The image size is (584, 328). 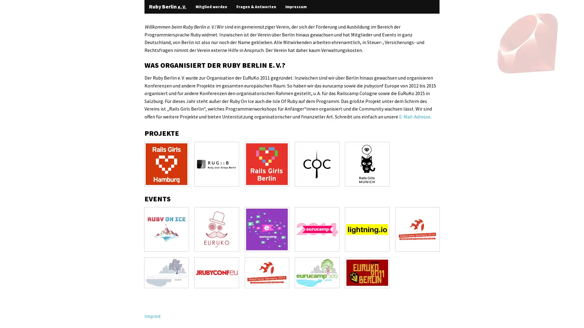 What do you see at coordinates (217, 229) in the screenshot?
I see `Euruko 2015` at bounding box center [217, 229].